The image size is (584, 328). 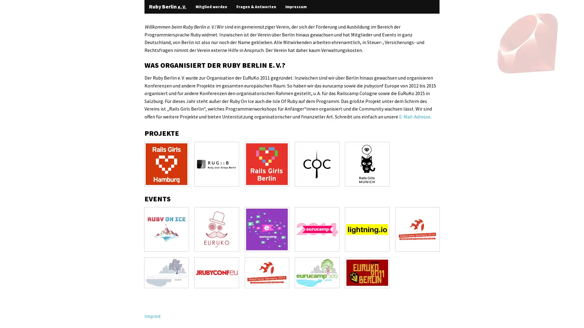 What do you see at coordinates (217, 229) in the screenshot?
I see `Euruko 2015` at bounding box center [217, 229].